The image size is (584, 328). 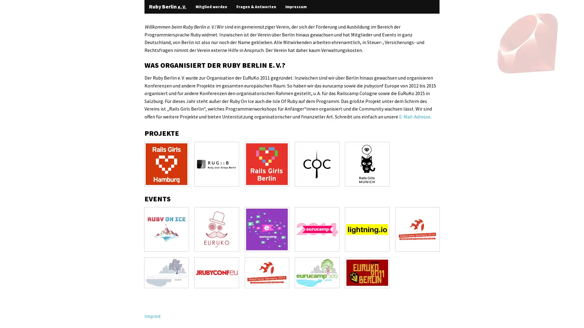 What do you see at coordinates (217, 229) in the screenshot?
I see `Euruko 2015` at bounding box center [217, 229].